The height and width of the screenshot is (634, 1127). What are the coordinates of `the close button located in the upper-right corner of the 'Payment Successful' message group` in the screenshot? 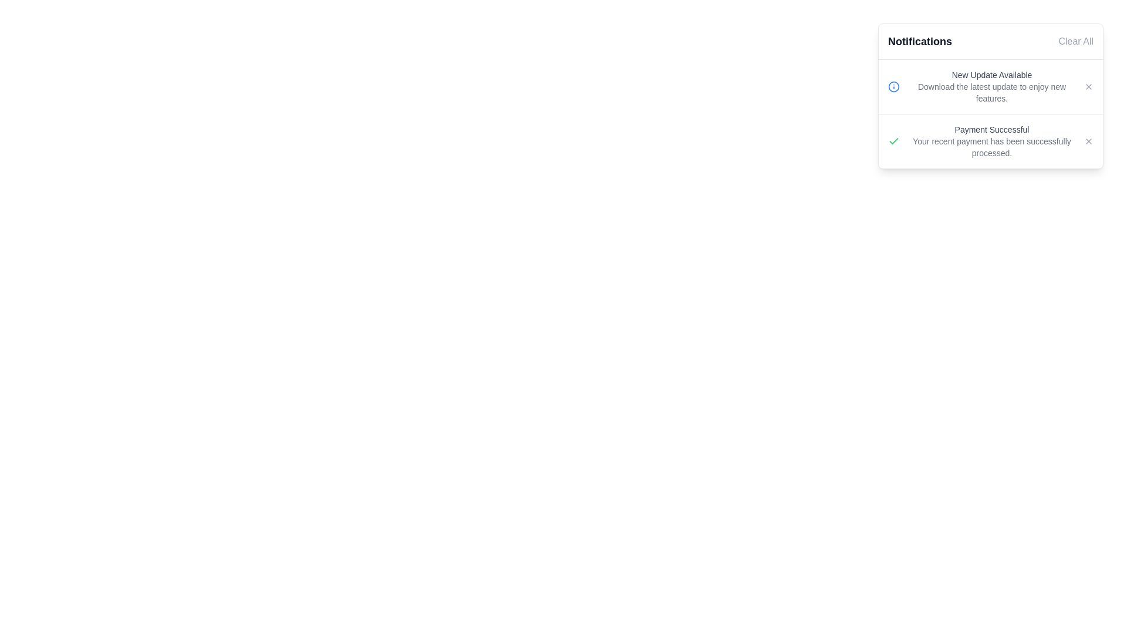 It's located at (1088, 140).